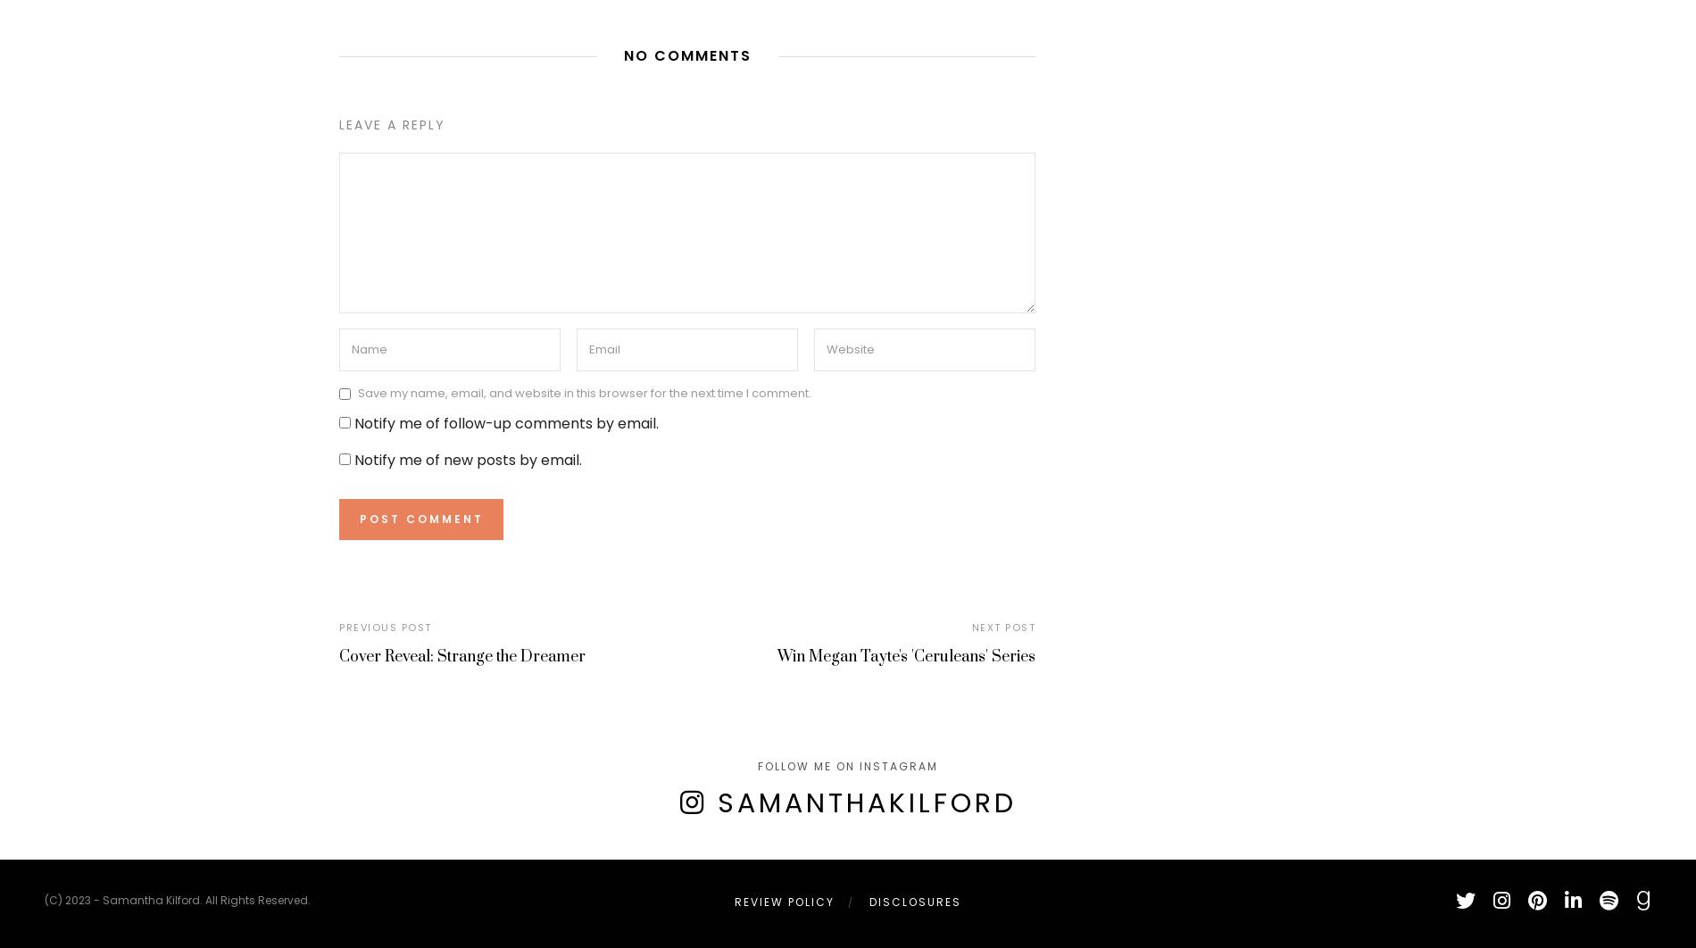 This screenshot has width=1696, height=948. Describe the element at coordinates (866, 801) in the screenshot. I see `'samanthakilford'` at that location.